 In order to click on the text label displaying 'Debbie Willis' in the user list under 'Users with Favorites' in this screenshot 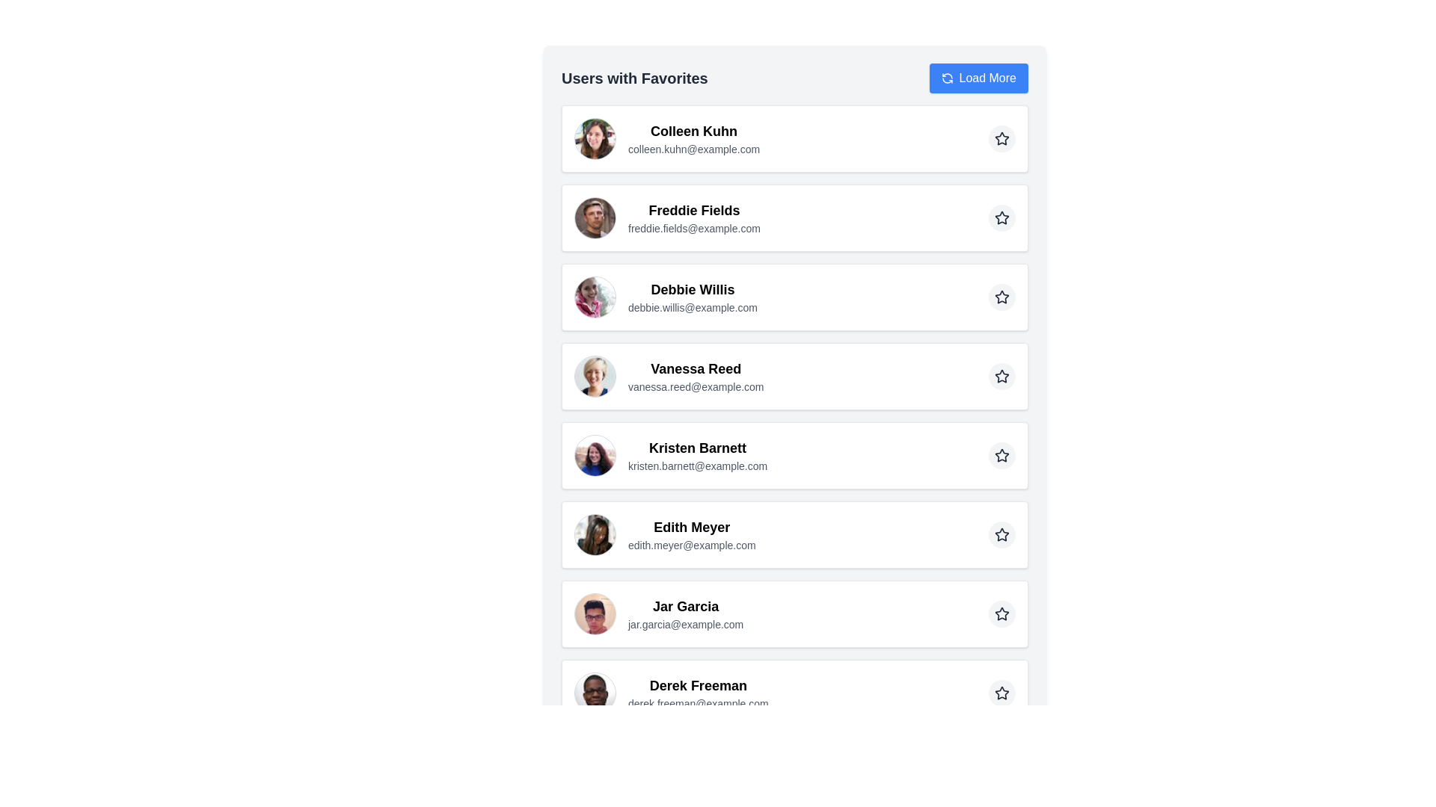, I will do `click(692, 290)`.